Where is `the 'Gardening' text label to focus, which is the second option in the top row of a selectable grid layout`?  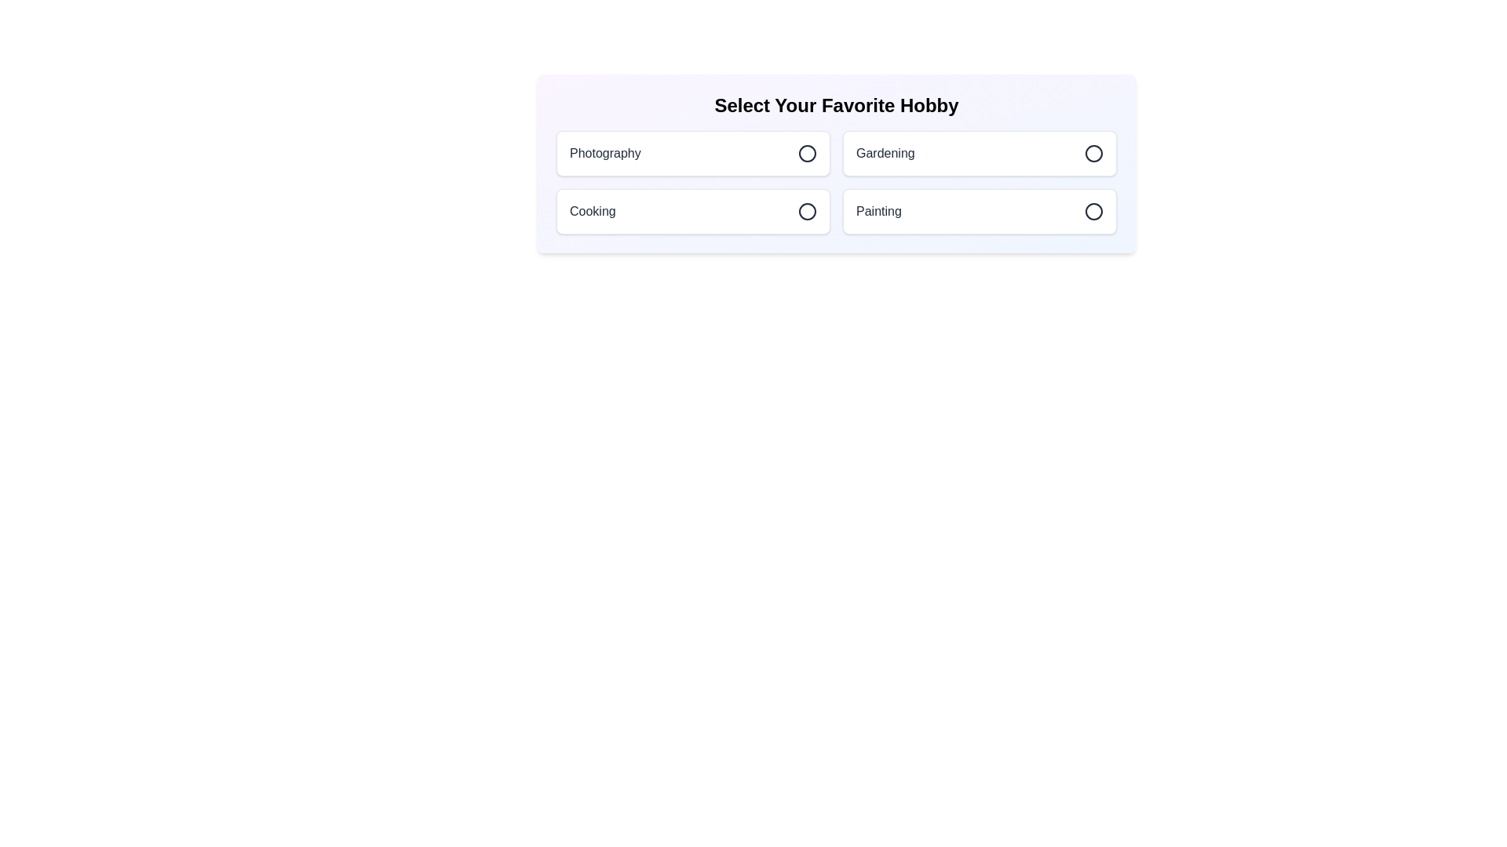
the 'Gardening' text label to focus, which is the second option in the top row of a selectable grid layout is located at coordinates (885, 154).